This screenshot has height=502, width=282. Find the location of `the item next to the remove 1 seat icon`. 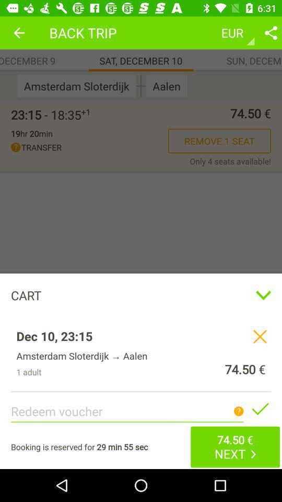

the item next to the remove 1 seat icon is located at coordinates (31, 133).